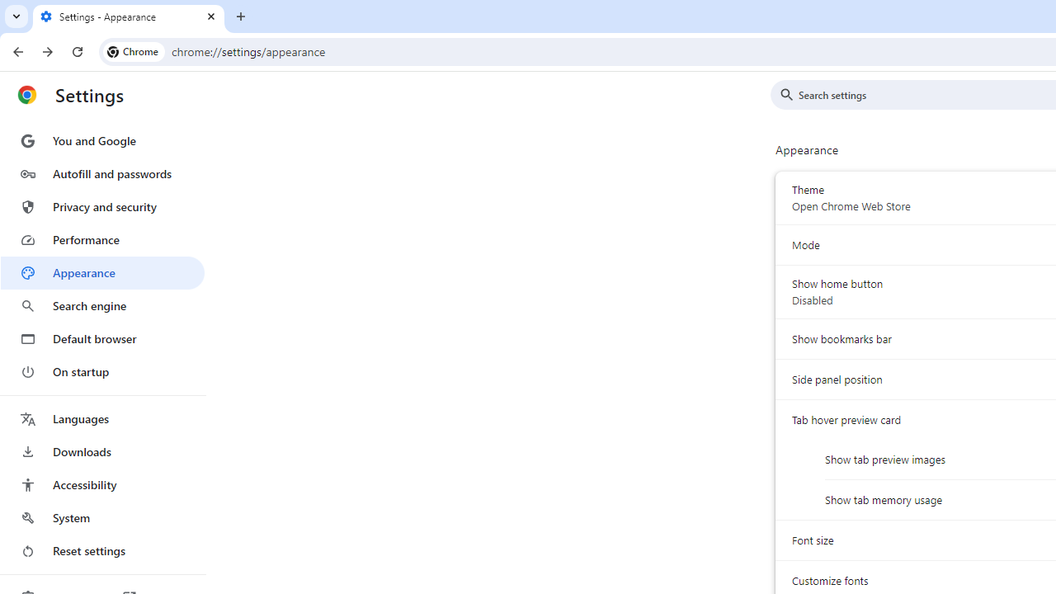  What do you see at coordinates (101, 483) in the screenshot?
I see `'Accessibility'` at bounding box center [101, 483].